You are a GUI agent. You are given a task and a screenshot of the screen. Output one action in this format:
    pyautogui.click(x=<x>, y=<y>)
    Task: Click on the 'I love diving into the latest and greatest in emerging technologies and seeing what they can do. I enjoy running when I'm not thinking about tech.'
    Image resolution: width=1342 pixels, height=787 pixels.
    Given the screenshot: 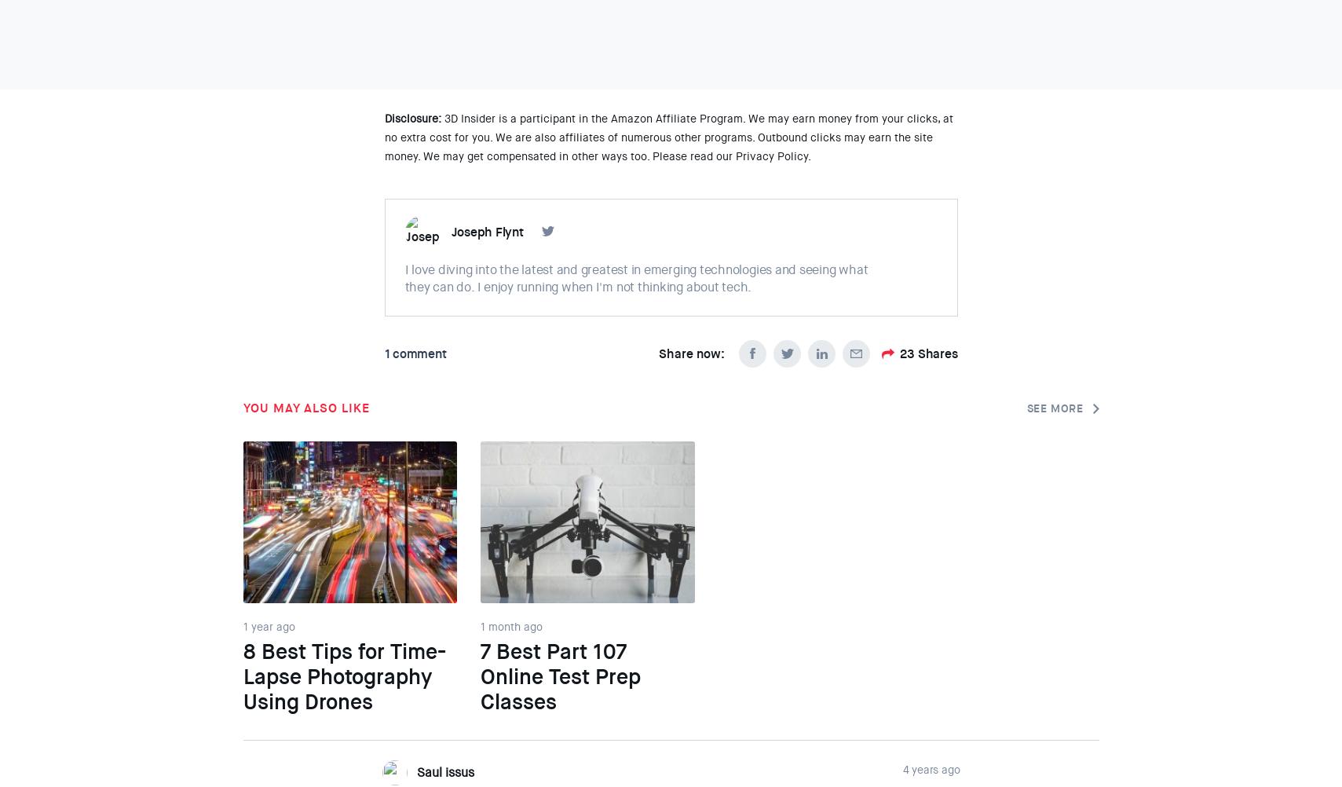 What is the action you would take?
    pyautogui.click(x=635, y=278)
    